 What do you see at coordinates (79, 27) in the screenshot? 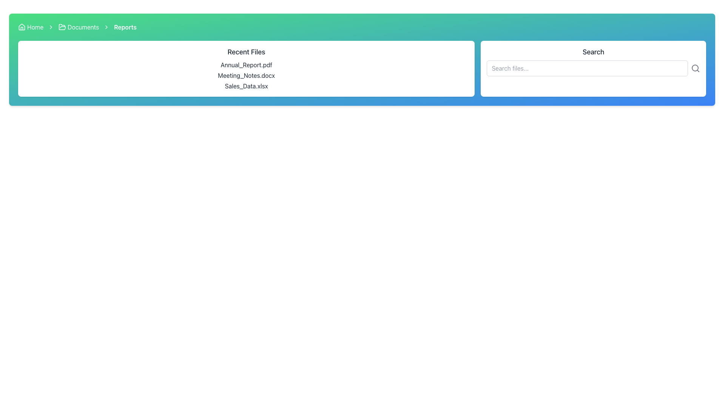
I see `the breadcrumb navigation link labeled 'Documents'` at bounding box center [79, 27].